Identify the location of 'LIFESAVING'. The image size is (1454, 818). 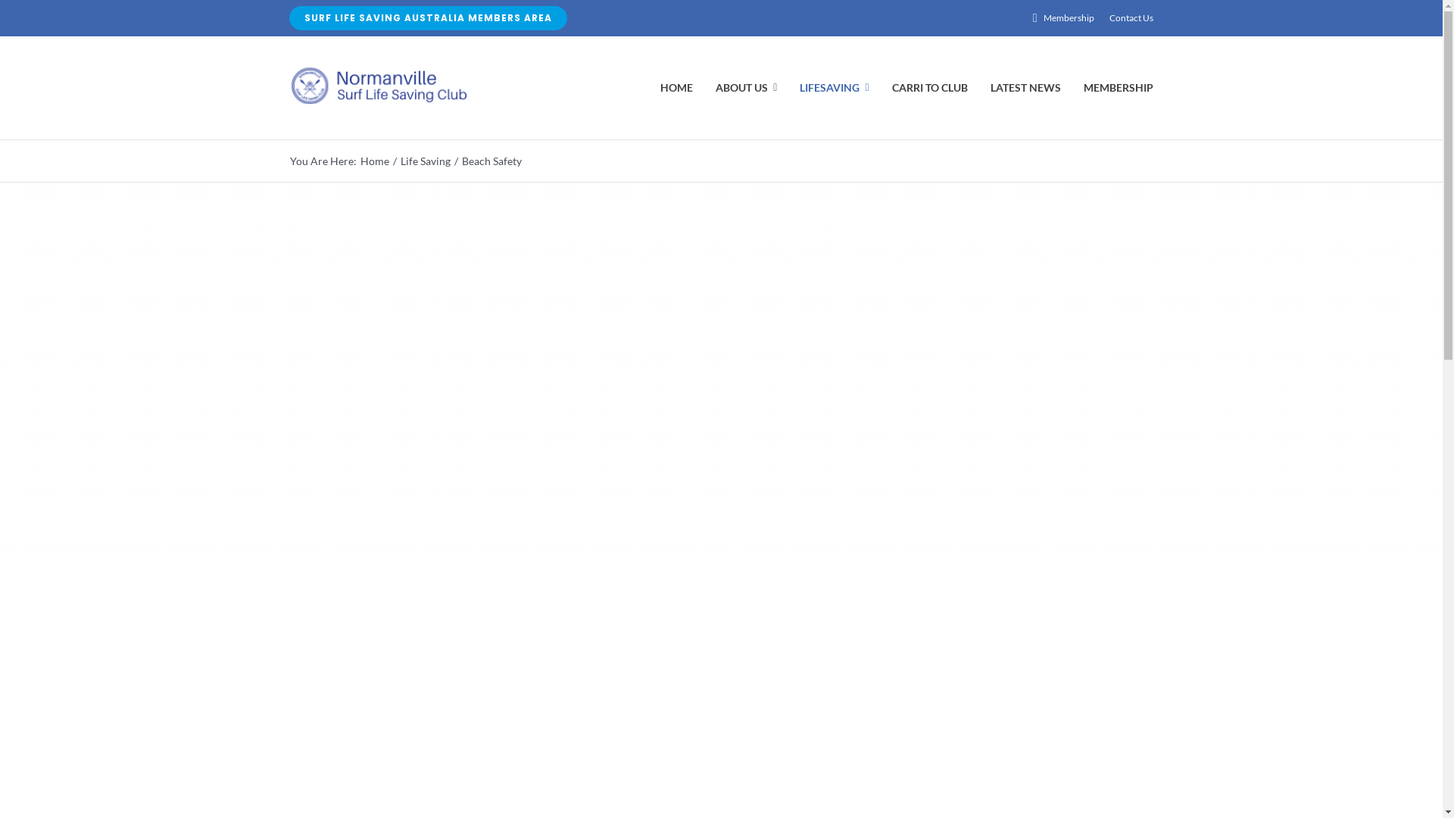
(833, 87).